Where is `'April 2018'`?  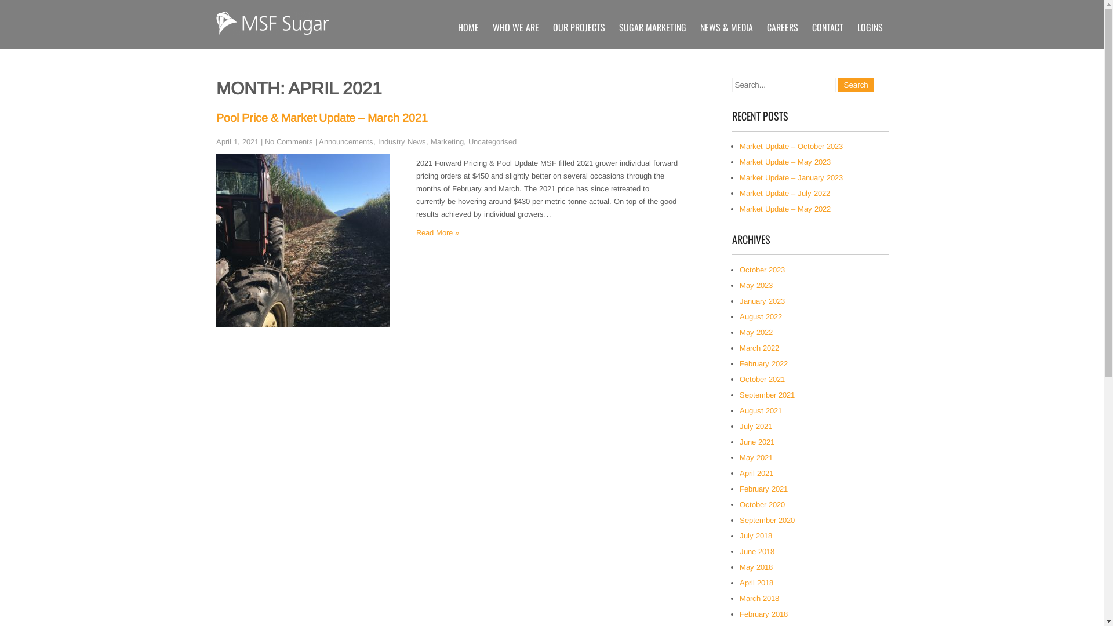 'April 2018' is located at coordinates (739, 583).